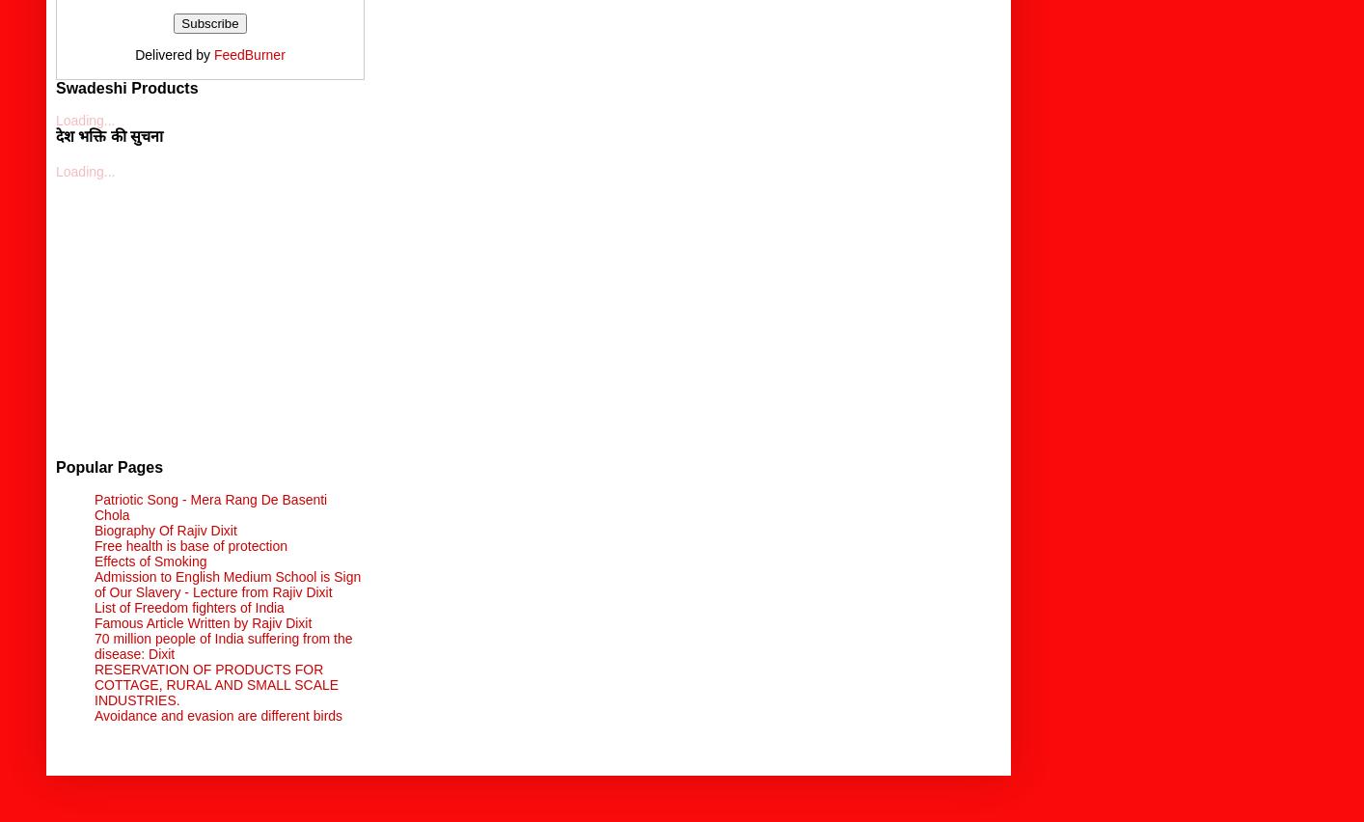 Image resolution: width=1364 pixels, height=822 pixels. I want to click on 'Popular Pages', so click(108, 466).